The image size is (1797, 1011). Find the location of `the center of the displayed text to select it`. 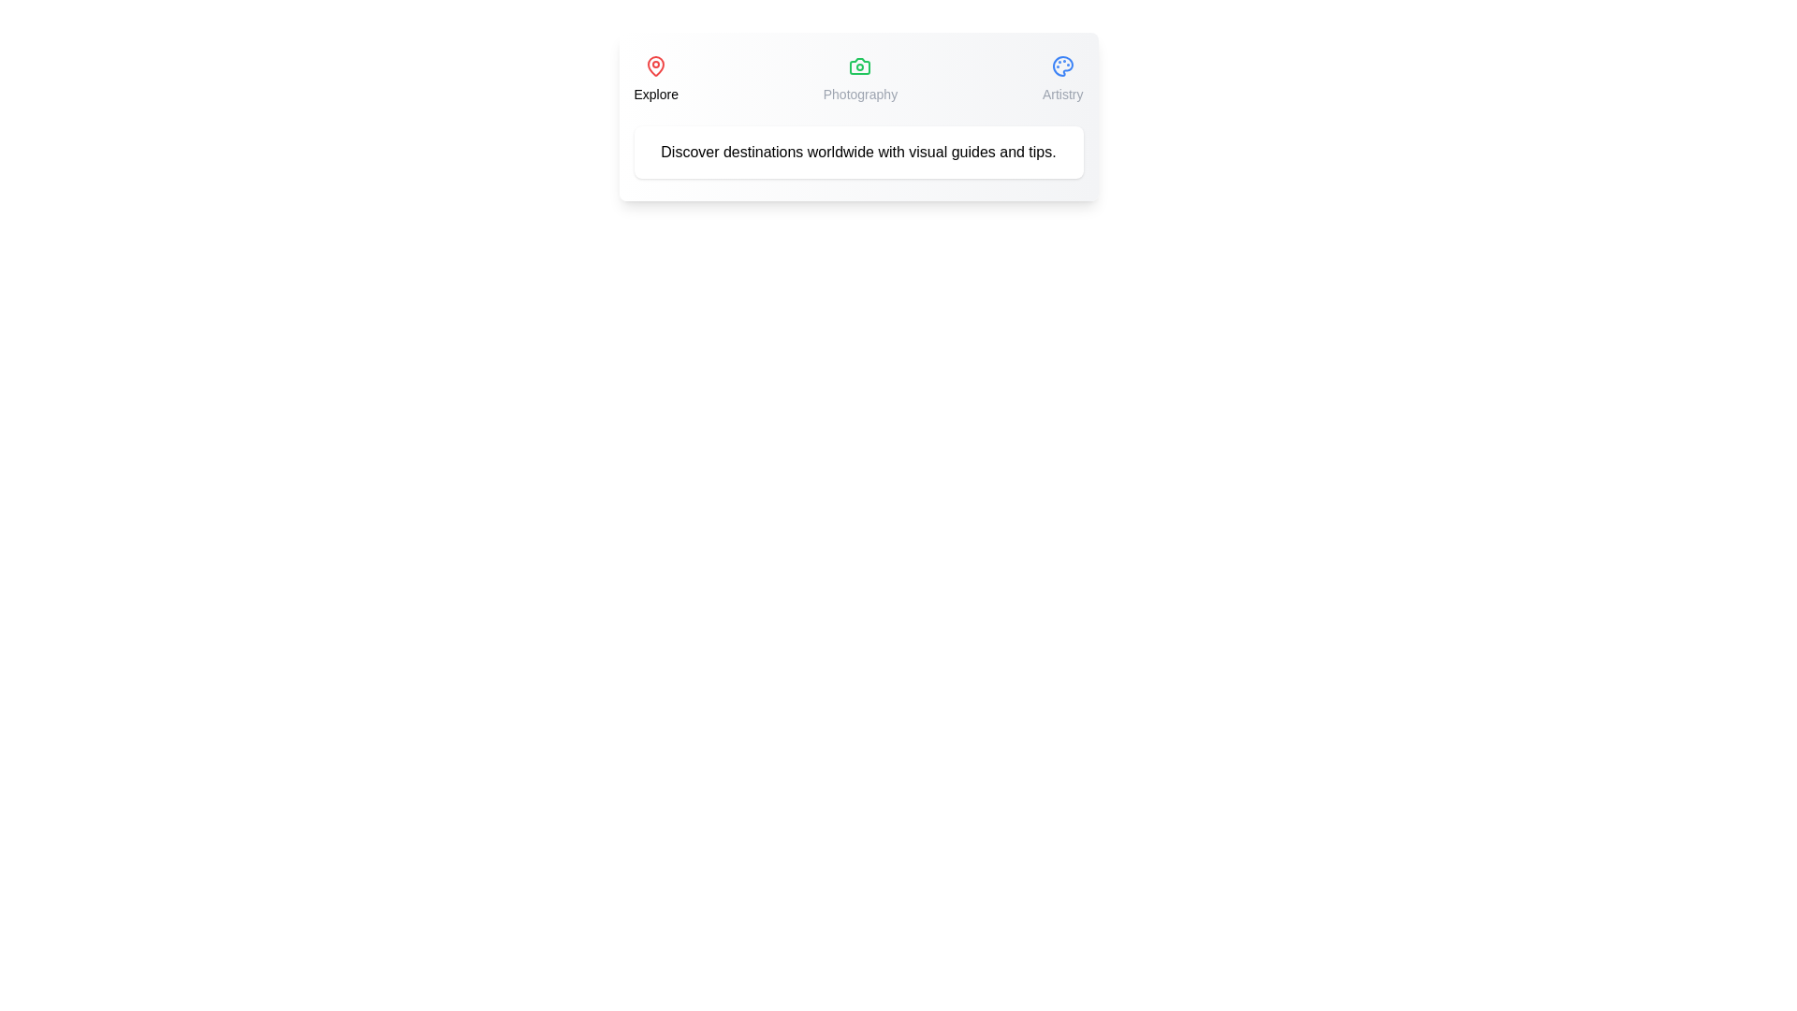

the center of the displayed text to select it is located at coordinates (857, 151).